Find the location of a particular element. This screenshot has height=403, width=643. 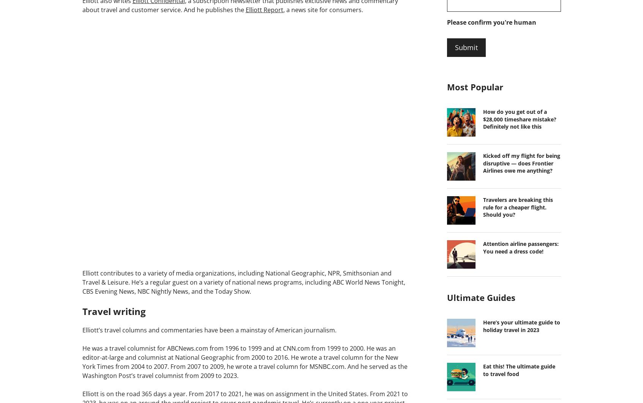

'How do you get out of a $28,000 timeshare mistake? Definitely not like this' is located at coordinates (519, 119).